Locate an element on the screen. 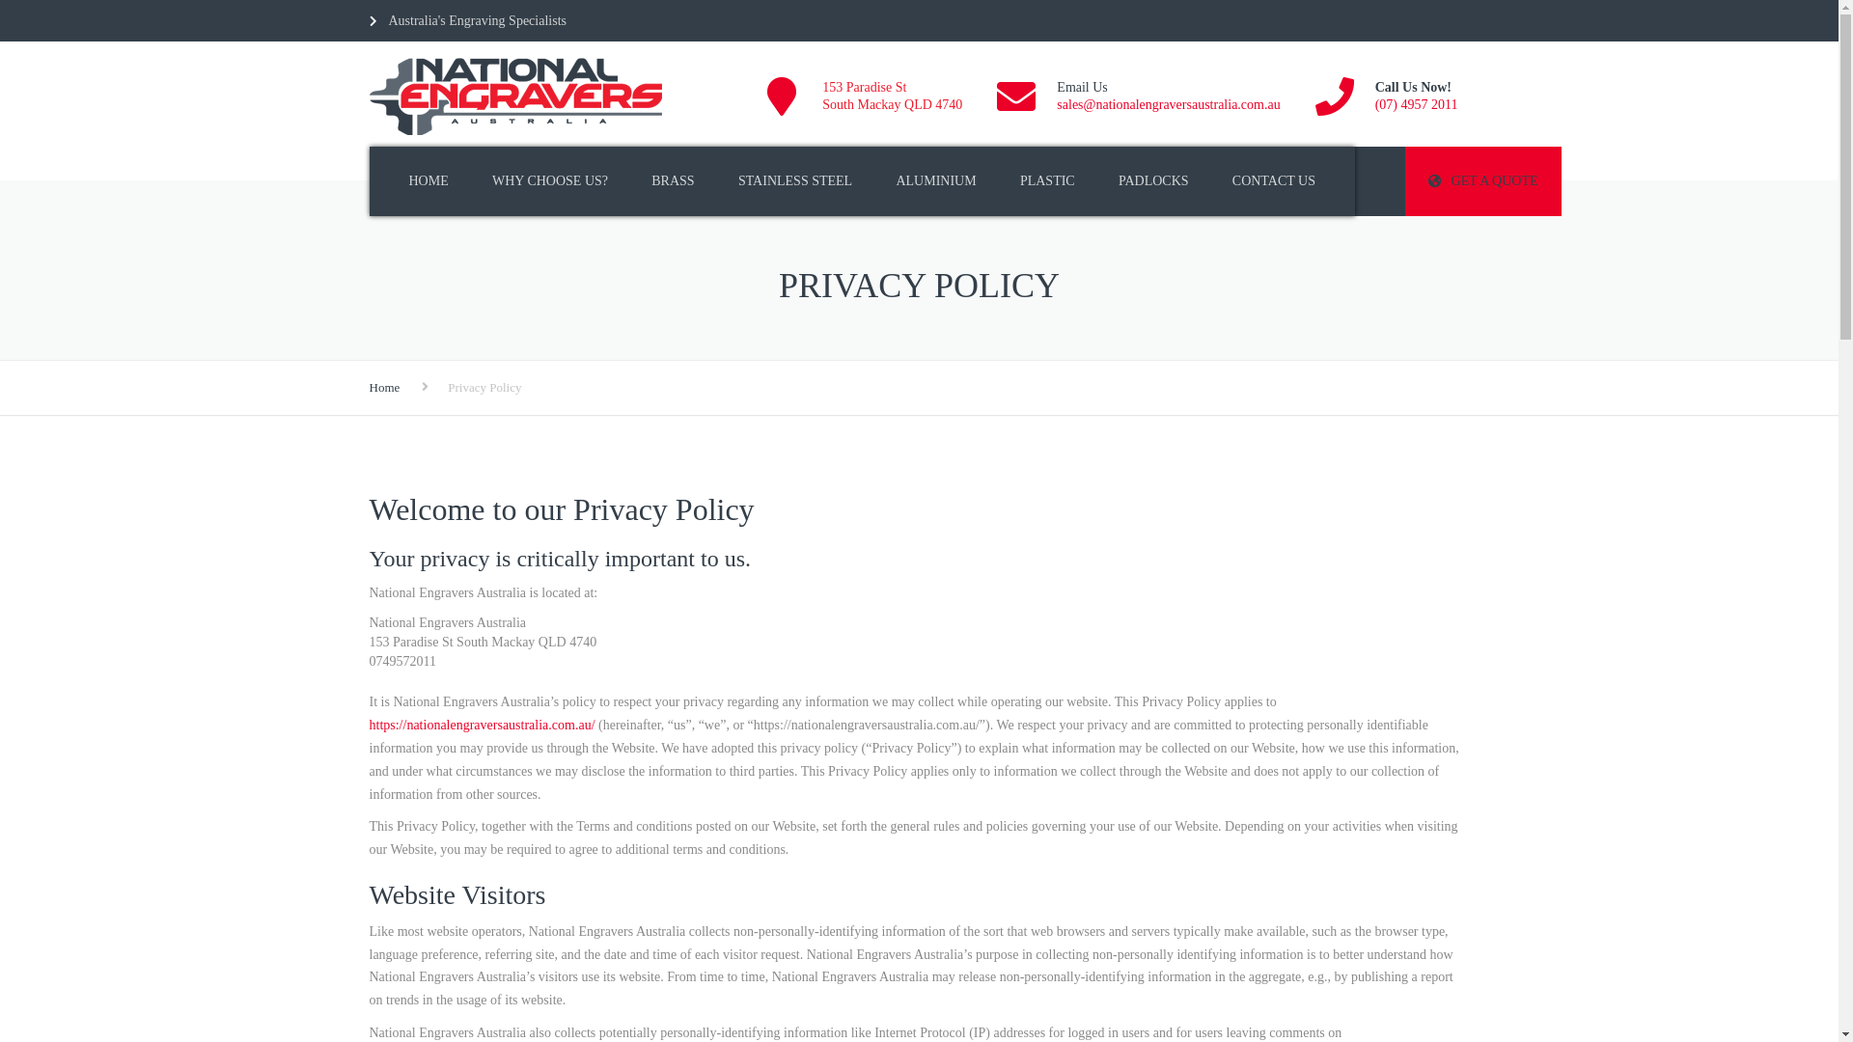  'ALUMINIUM' is located at coordinates (935, 181).